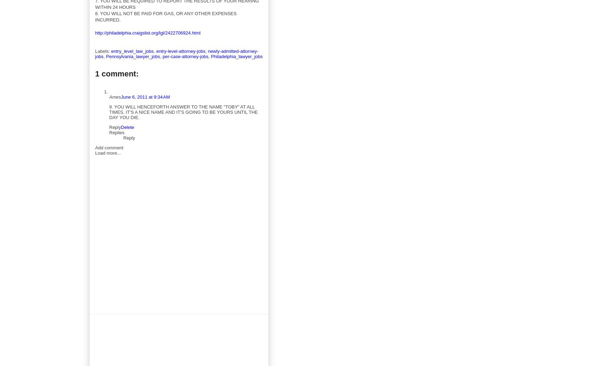  I want to click on '9. YOU WILL HENCEFORTH ANSWER TO THE NAME "TOBY" AT ALL TIMES.  IT'S A NICE NAME AND IT'S GOING TO BE YOURS UNTIL THE DAY YOU DIE.', so click(183, 112).